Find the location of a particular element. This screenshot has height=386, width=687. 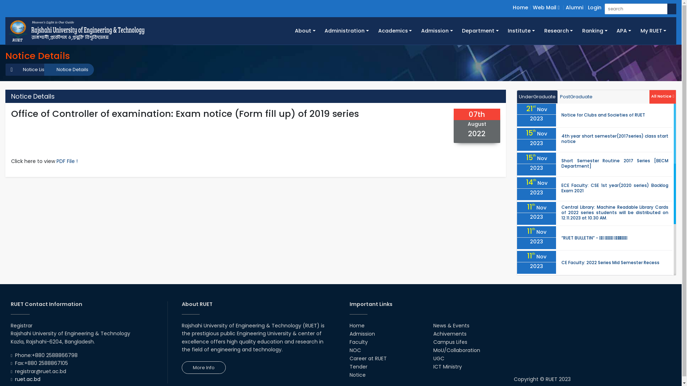

'ECE Faculty: CSE 1st year(2020 series) Backlog Exam 2021' is located at coordinates (614, 187).